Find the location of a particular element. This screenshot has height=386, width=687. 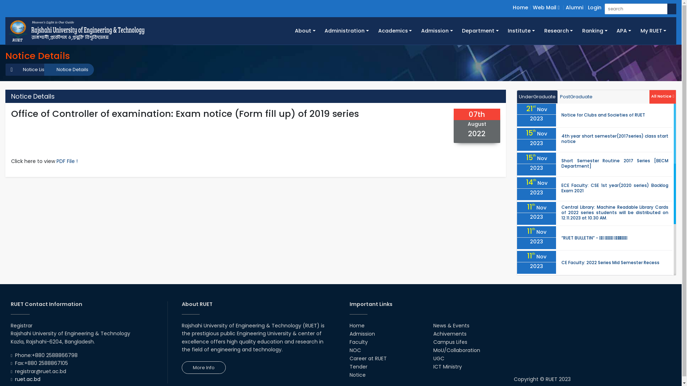

'ECE Faculty: CSE 1st year(2020 series) Backlog Exam 2021' is located at coordinates (614, 187).